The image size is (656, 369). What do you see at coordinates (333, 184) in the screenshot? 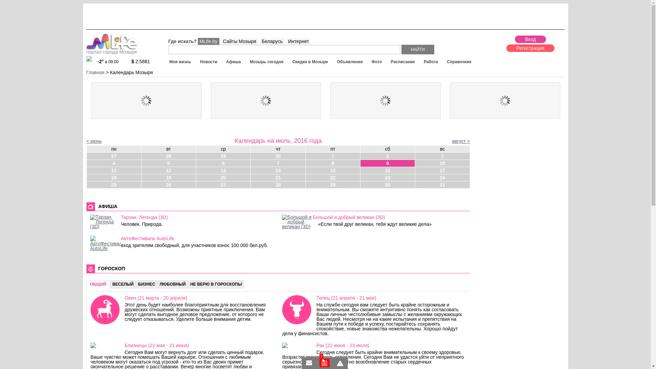
I see `'29'` at bounding box center [333, 184].